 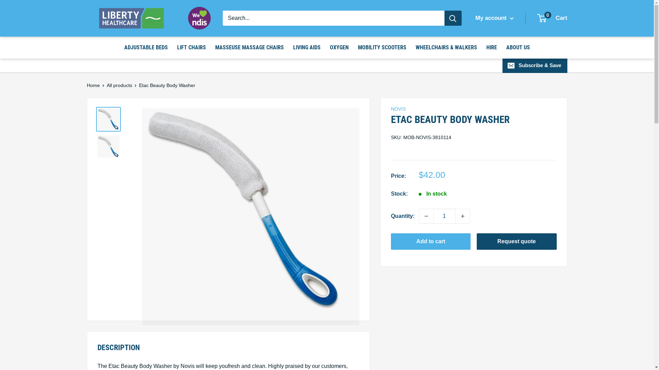 What do you see at coordinates (92, 85) in the screenshot?
I see `'Home'` at bounding box center [92, 85].